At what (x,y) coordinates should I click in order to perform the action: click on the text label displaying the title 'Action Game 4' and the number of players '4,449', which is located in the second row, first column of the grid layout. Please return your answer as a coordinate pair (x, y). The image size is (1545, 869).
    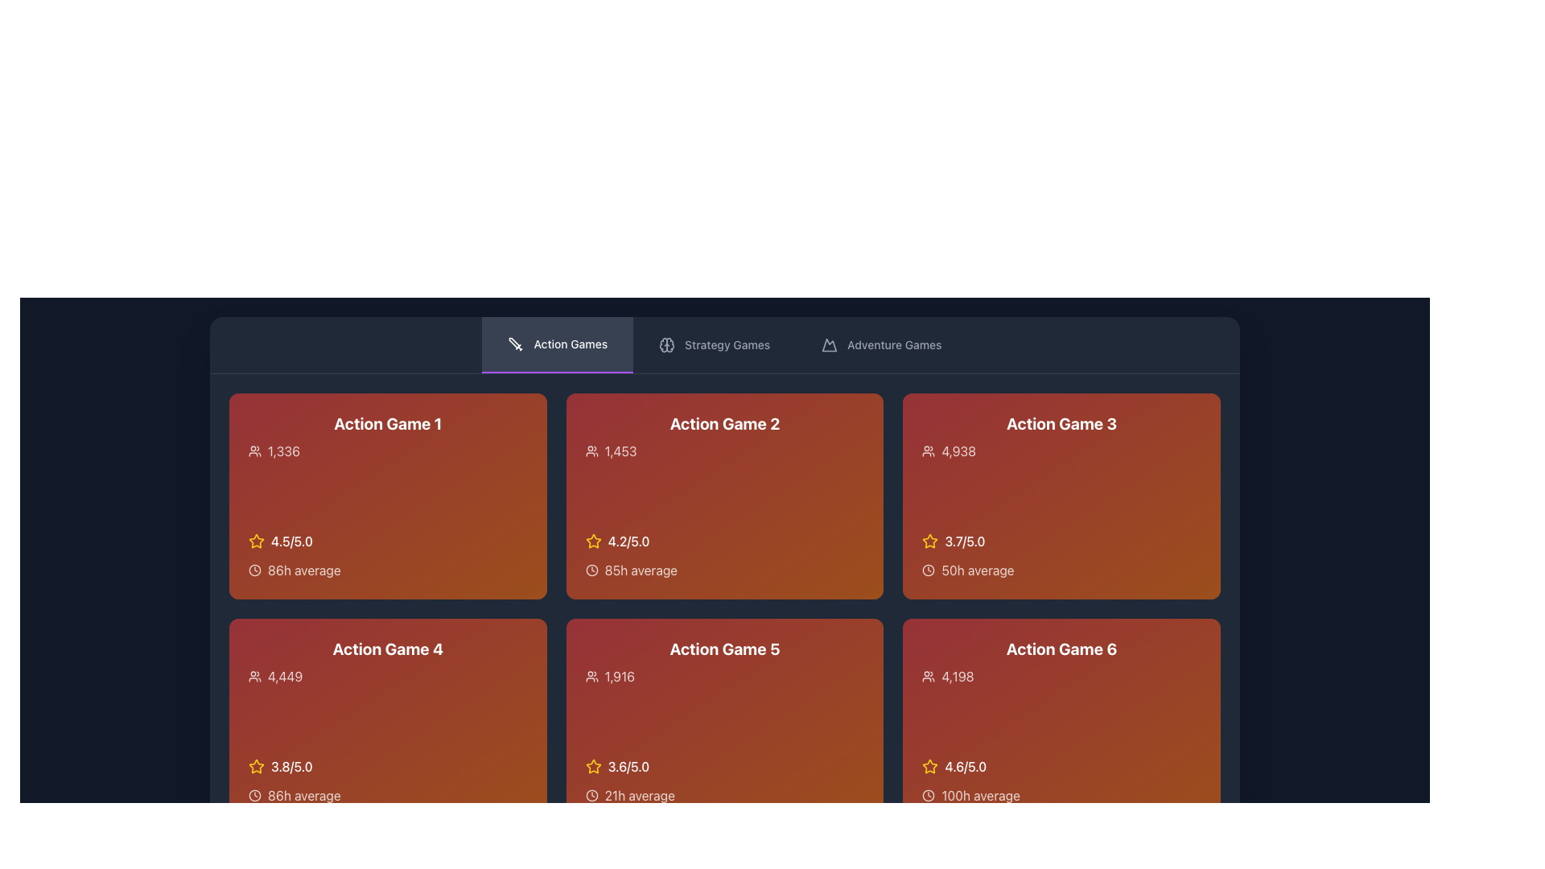
    Looking at the image, I should click on (388, 661).